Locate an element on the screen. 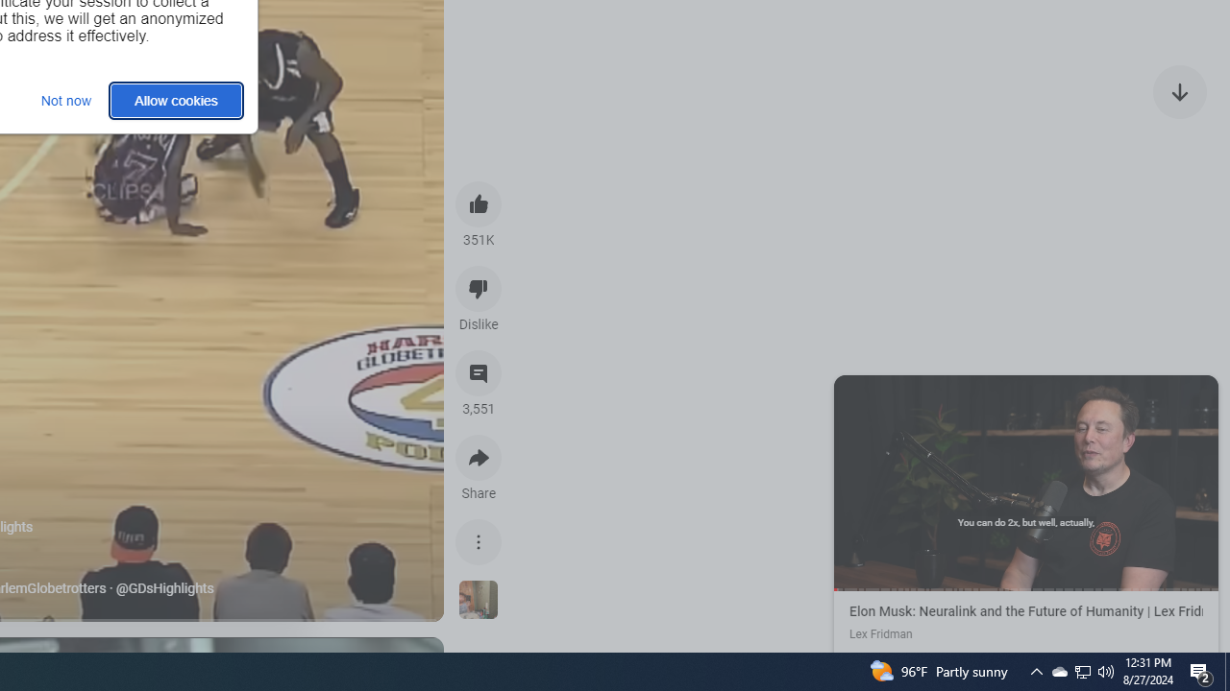  'Dislike this video' is located at coordinates (479, 288).